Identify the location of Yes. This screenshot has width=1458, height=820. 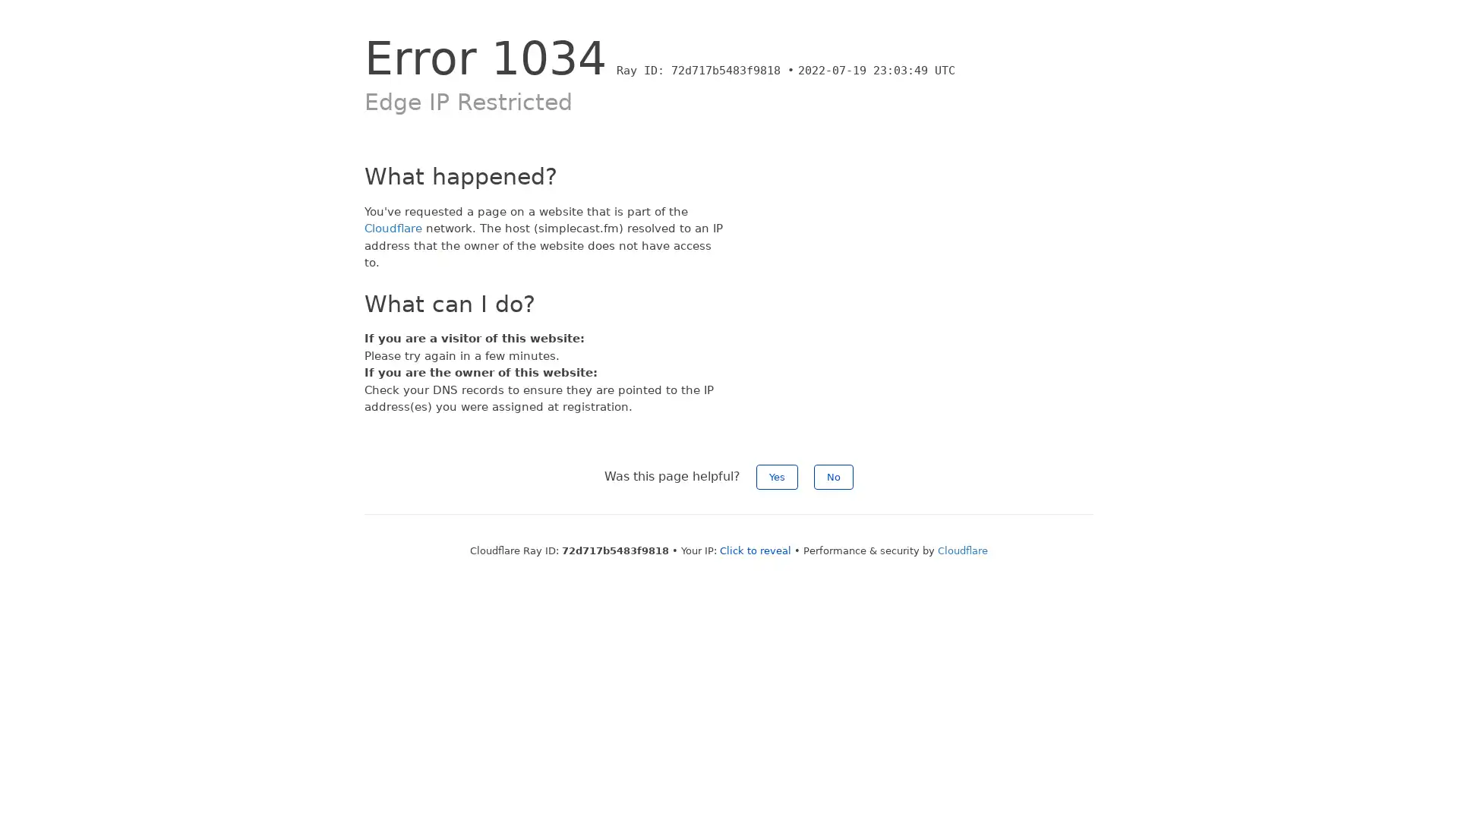
(777, 475).